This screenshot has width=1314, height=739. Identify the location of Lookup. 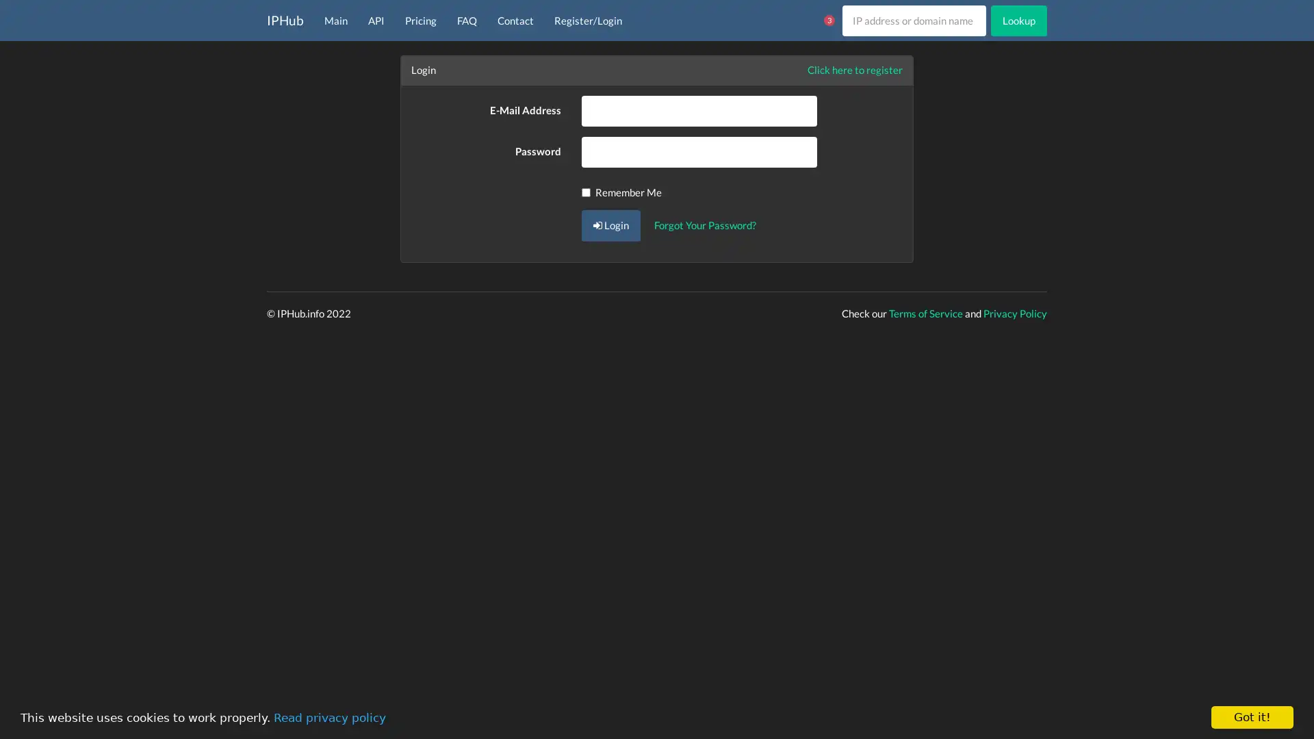
(1018, 20).